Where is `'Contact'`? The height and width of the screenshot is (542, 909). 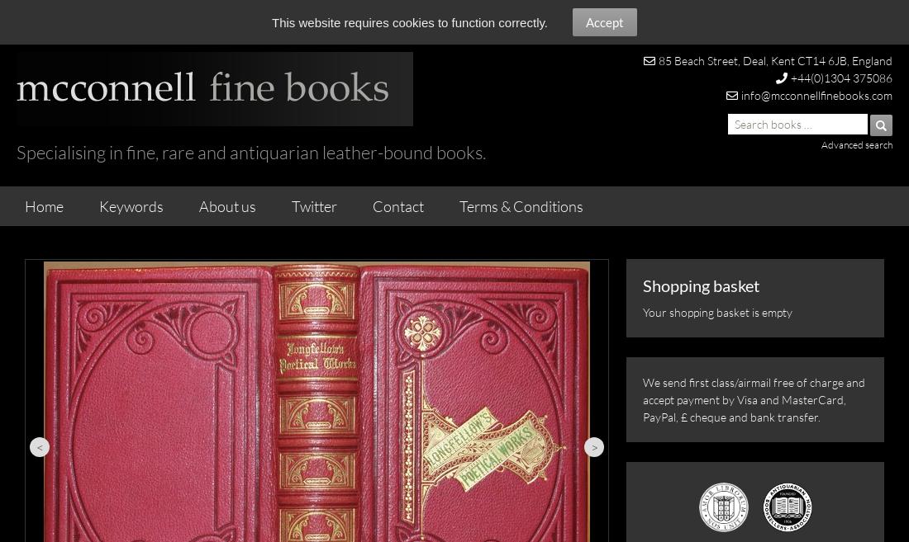
'Contact' is located at coordinates (398, 205).